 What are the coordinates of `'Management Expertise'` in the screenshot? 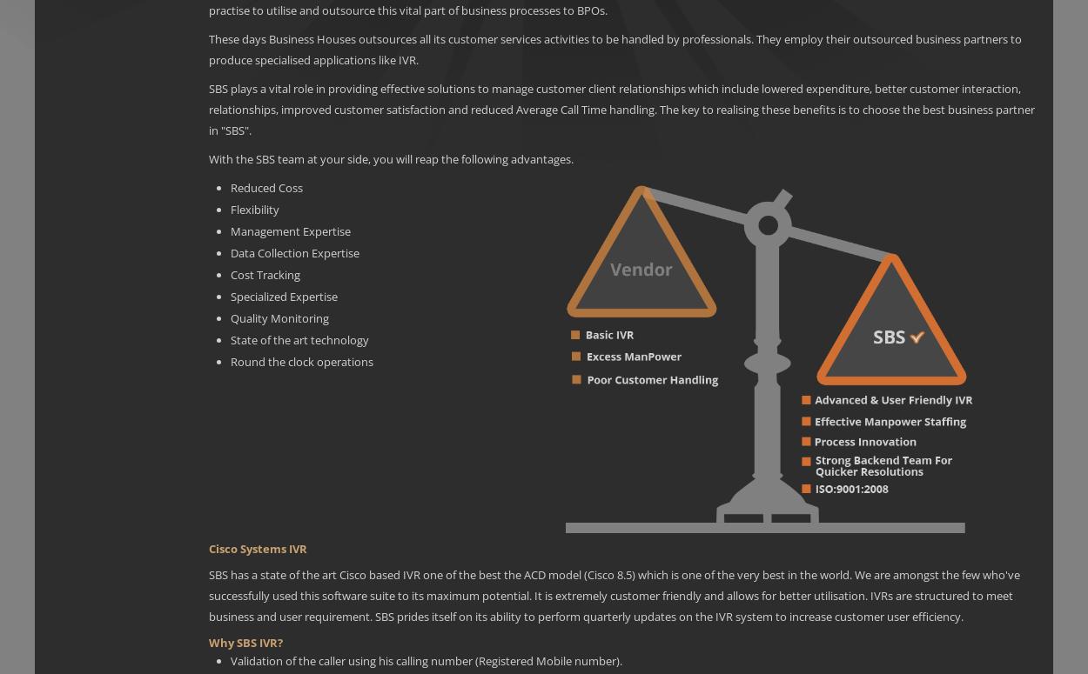 It's located at (290, 230).